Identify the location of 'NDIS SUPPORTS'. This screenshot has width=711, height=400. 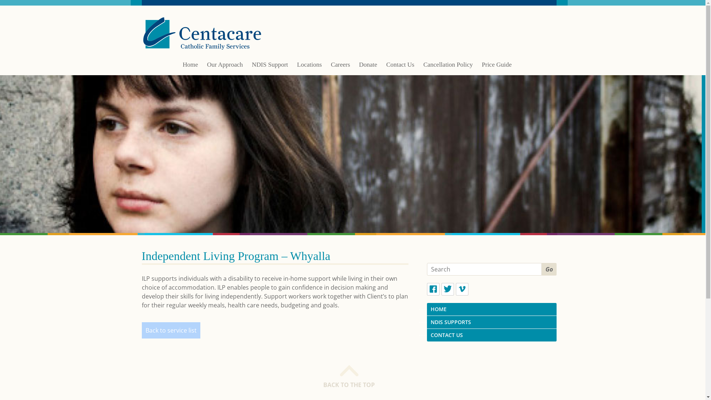
(491, 322).